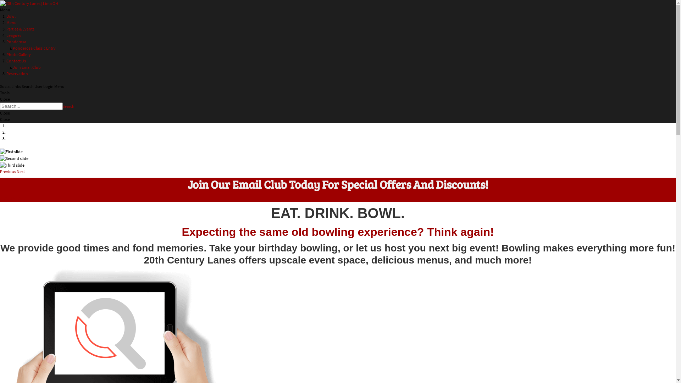 The width and height of the screenshot is (681, 383). What do you see at coordinates (21, 171) in the screenshot?
I see `'Next'` at bounding box center [21, 171].